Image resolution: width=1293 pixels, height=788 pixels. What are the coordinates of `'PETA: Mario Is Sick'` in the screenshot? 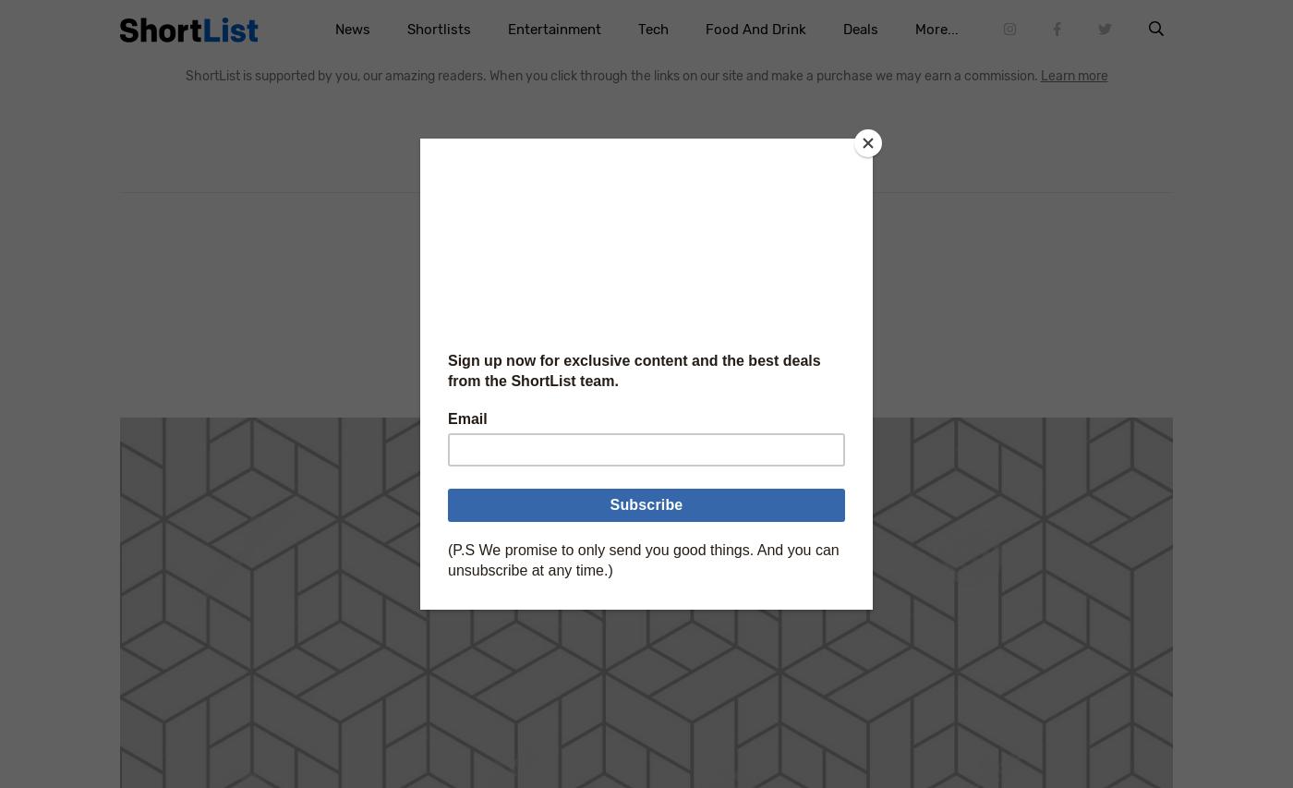 It's located at (646, 269).